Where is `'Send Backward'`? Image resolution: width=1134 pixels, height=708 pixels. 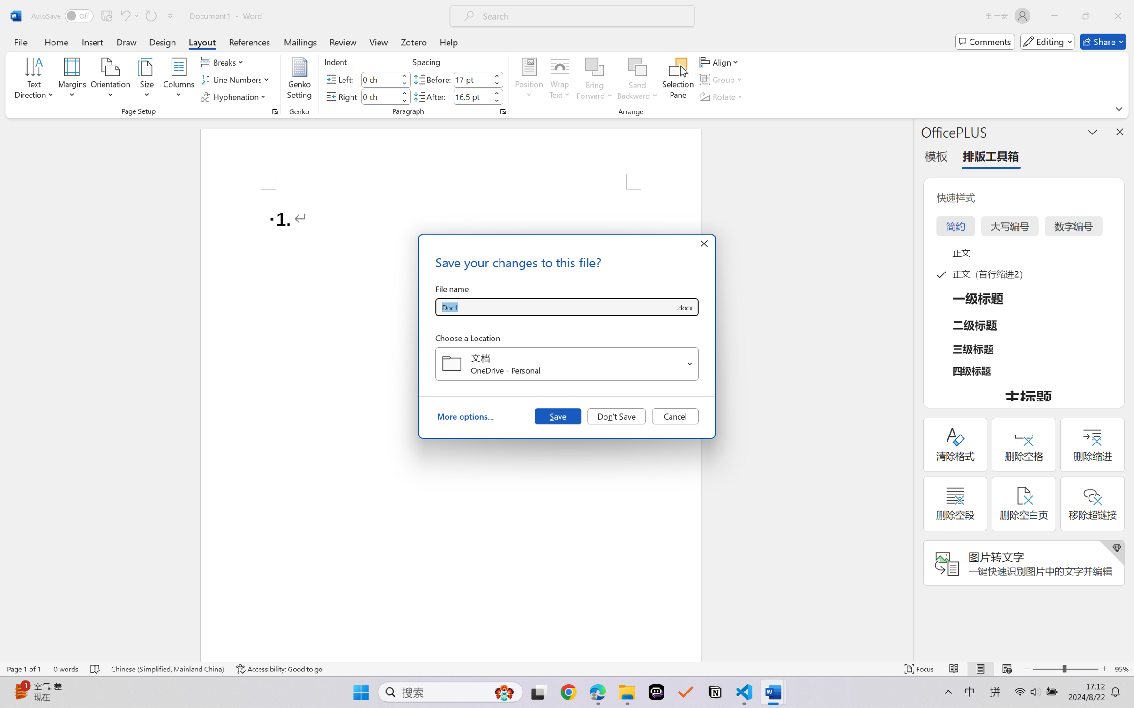
'Send Backward' is located at coordinates (637, 67).